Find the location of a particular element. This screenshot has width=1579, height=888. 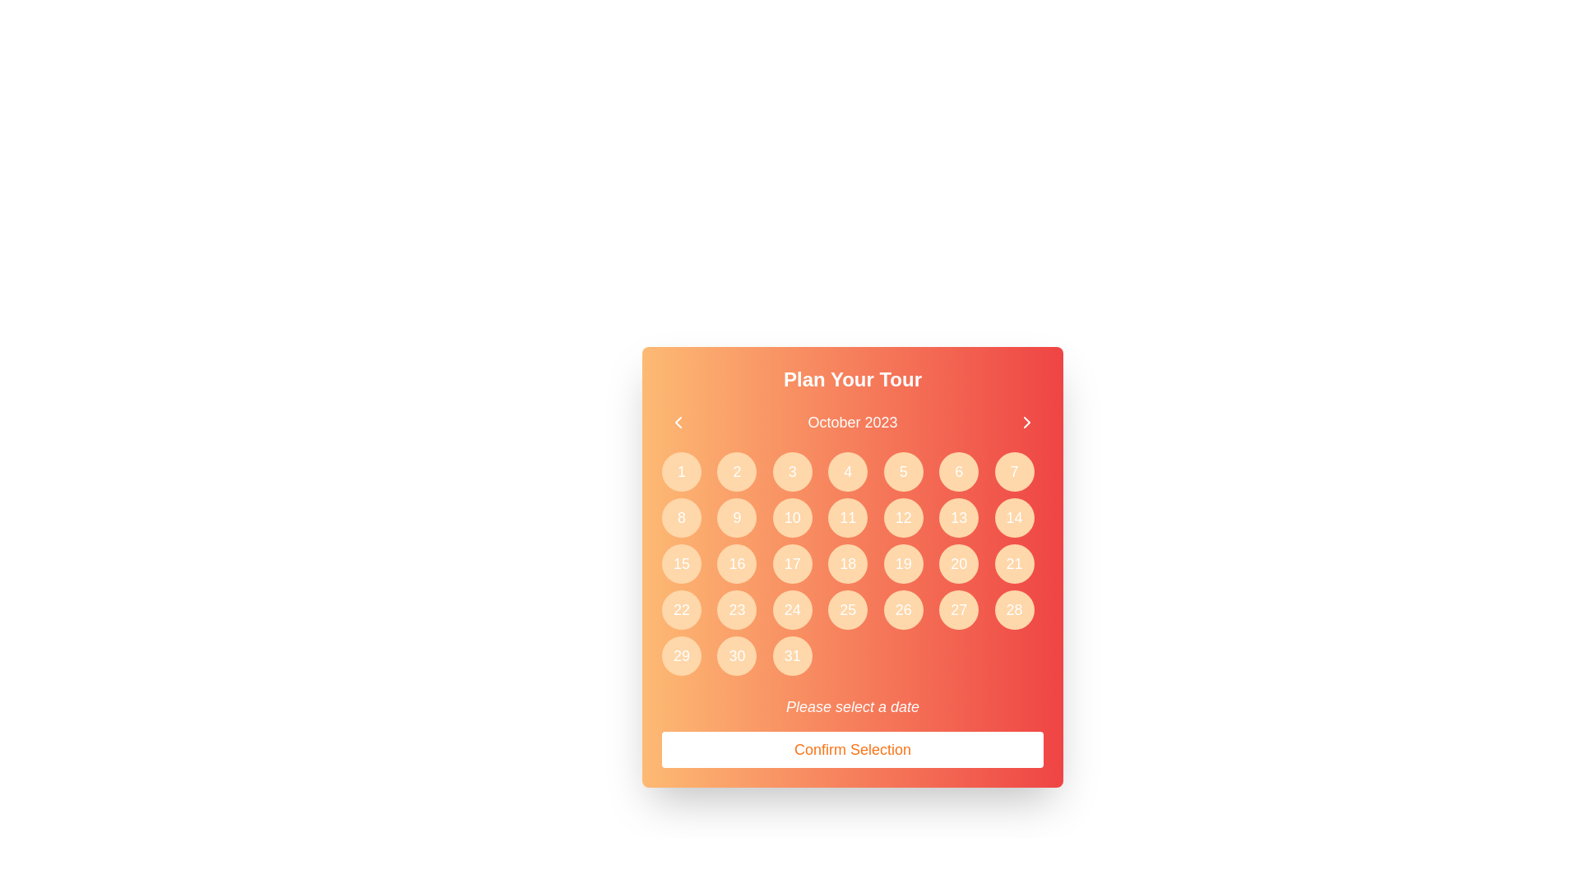

the rounded button with a light orange background containing the number '29' in white bold text is located at coordinates (682, 655).